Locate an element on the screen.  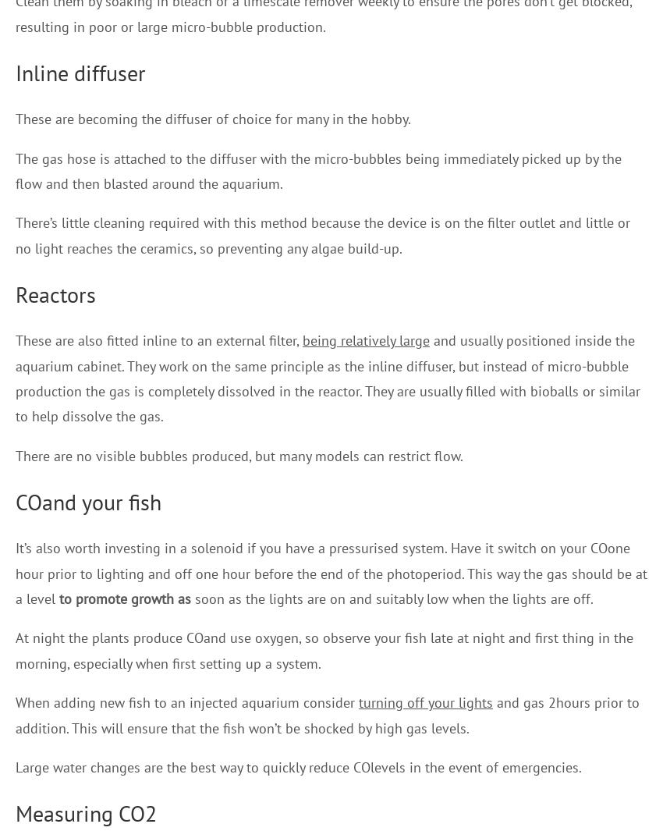
'and gas 2hours prior to addition. This will ensure that the fish won’t be shocked by high gas levels.' is located at coordinates (327, 715).